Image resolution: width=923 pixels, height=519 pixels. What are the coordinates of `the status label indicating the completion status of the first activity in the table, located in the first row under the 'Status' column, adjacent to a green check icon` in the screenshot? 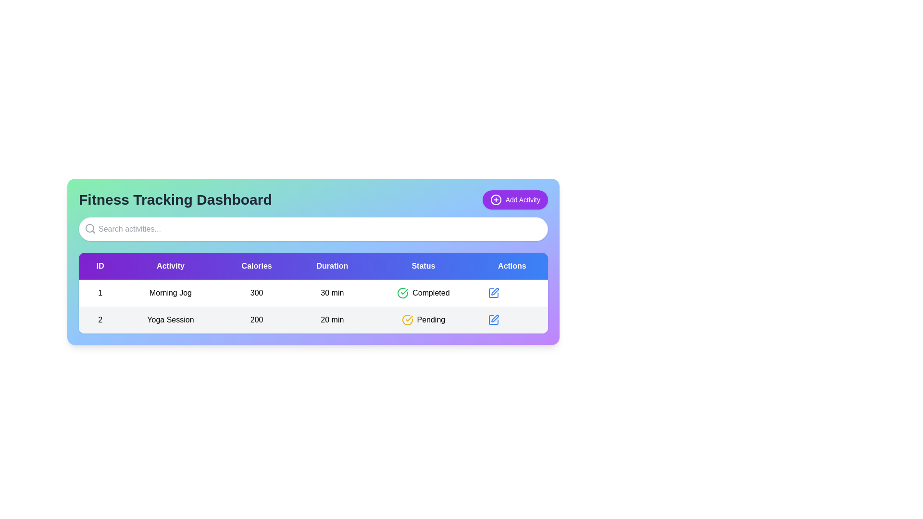 It's located at (430, 292).